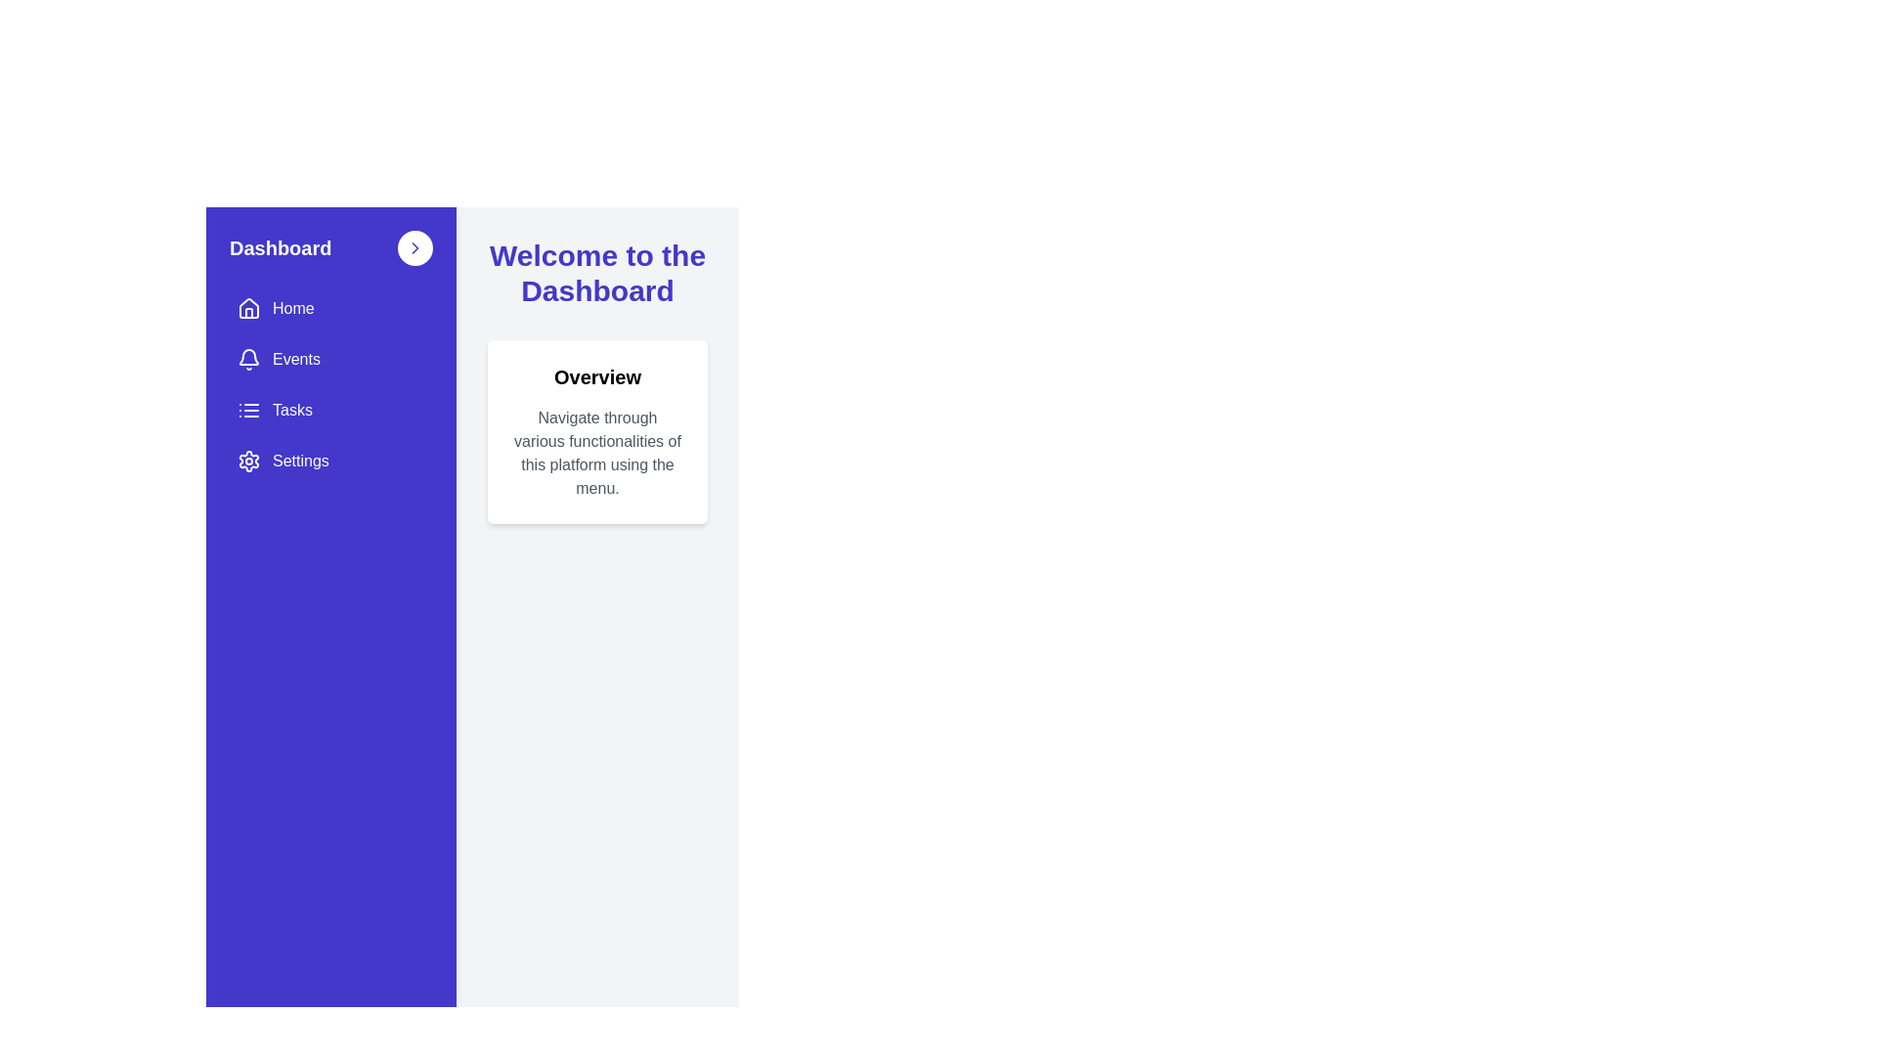 This screenshot has width=1877, height=1056. What do you see at coordinates (299, 461) in the screenshot?
I see `the 'Settings' text label in the vertical navigation menu, located below the 'Tasks' menu item` at bounding box center [299, 461].